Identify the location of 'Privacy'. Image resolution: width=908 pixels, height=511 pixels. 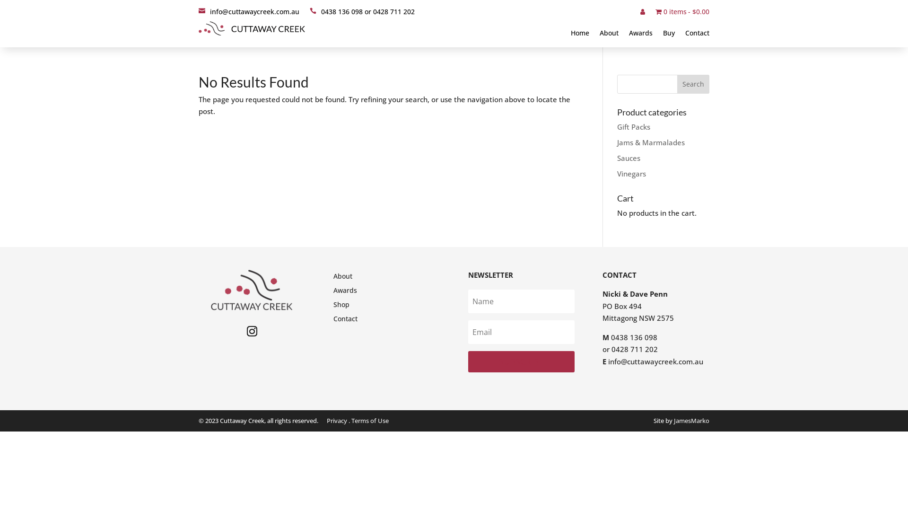
(337, 420).